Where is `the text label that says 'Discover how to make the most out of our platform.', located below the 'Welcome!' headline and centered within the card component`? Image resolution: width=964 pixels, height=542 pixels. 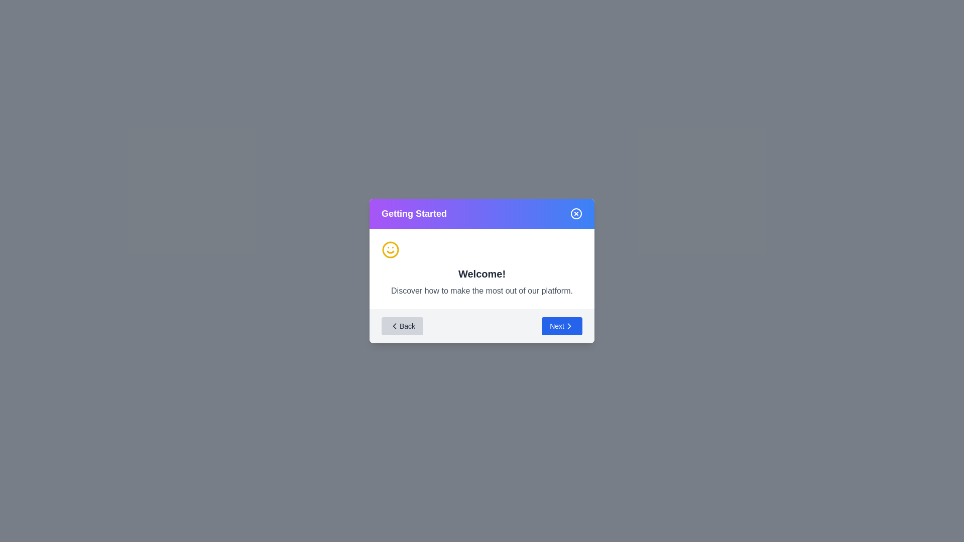 the text label that says 'Discover how to make the most out of our platform.', located below the 'Welcome!' headline and centered within the card component is located at coordinates (482, 291).